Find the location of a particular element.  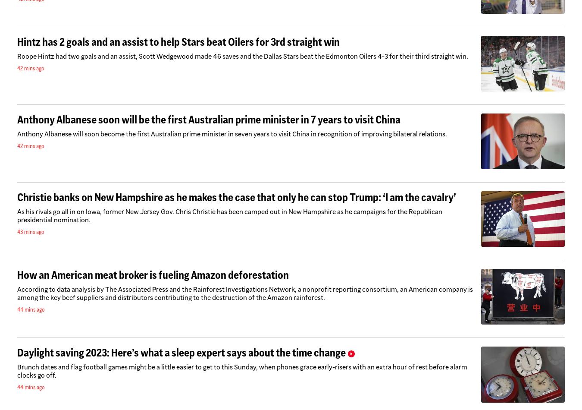

'43 mins ago' is located at coordinates (30, 232).